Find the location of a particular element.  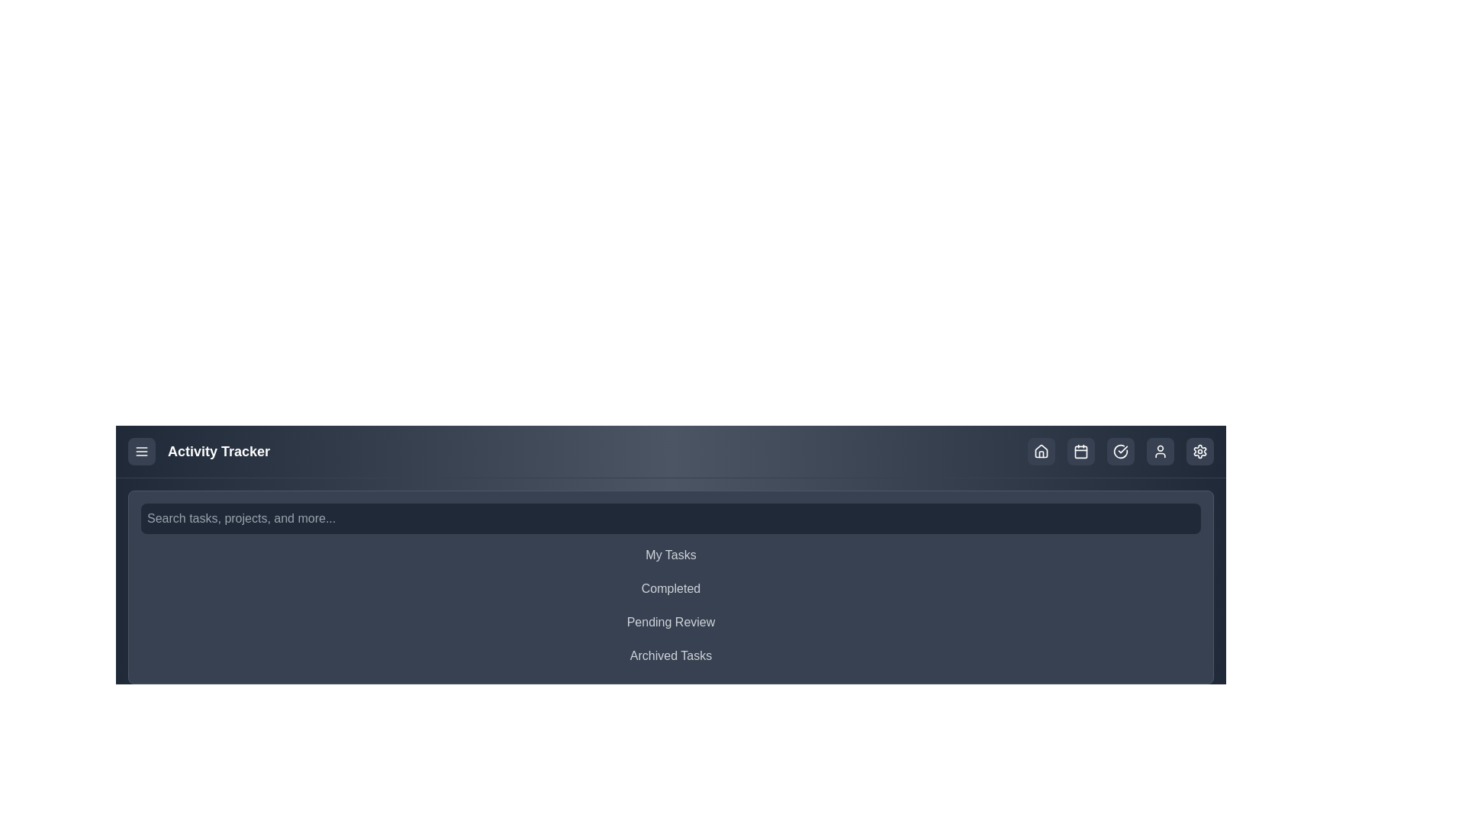

the task category My Tasks from the list is located at coordinates (671, 555).